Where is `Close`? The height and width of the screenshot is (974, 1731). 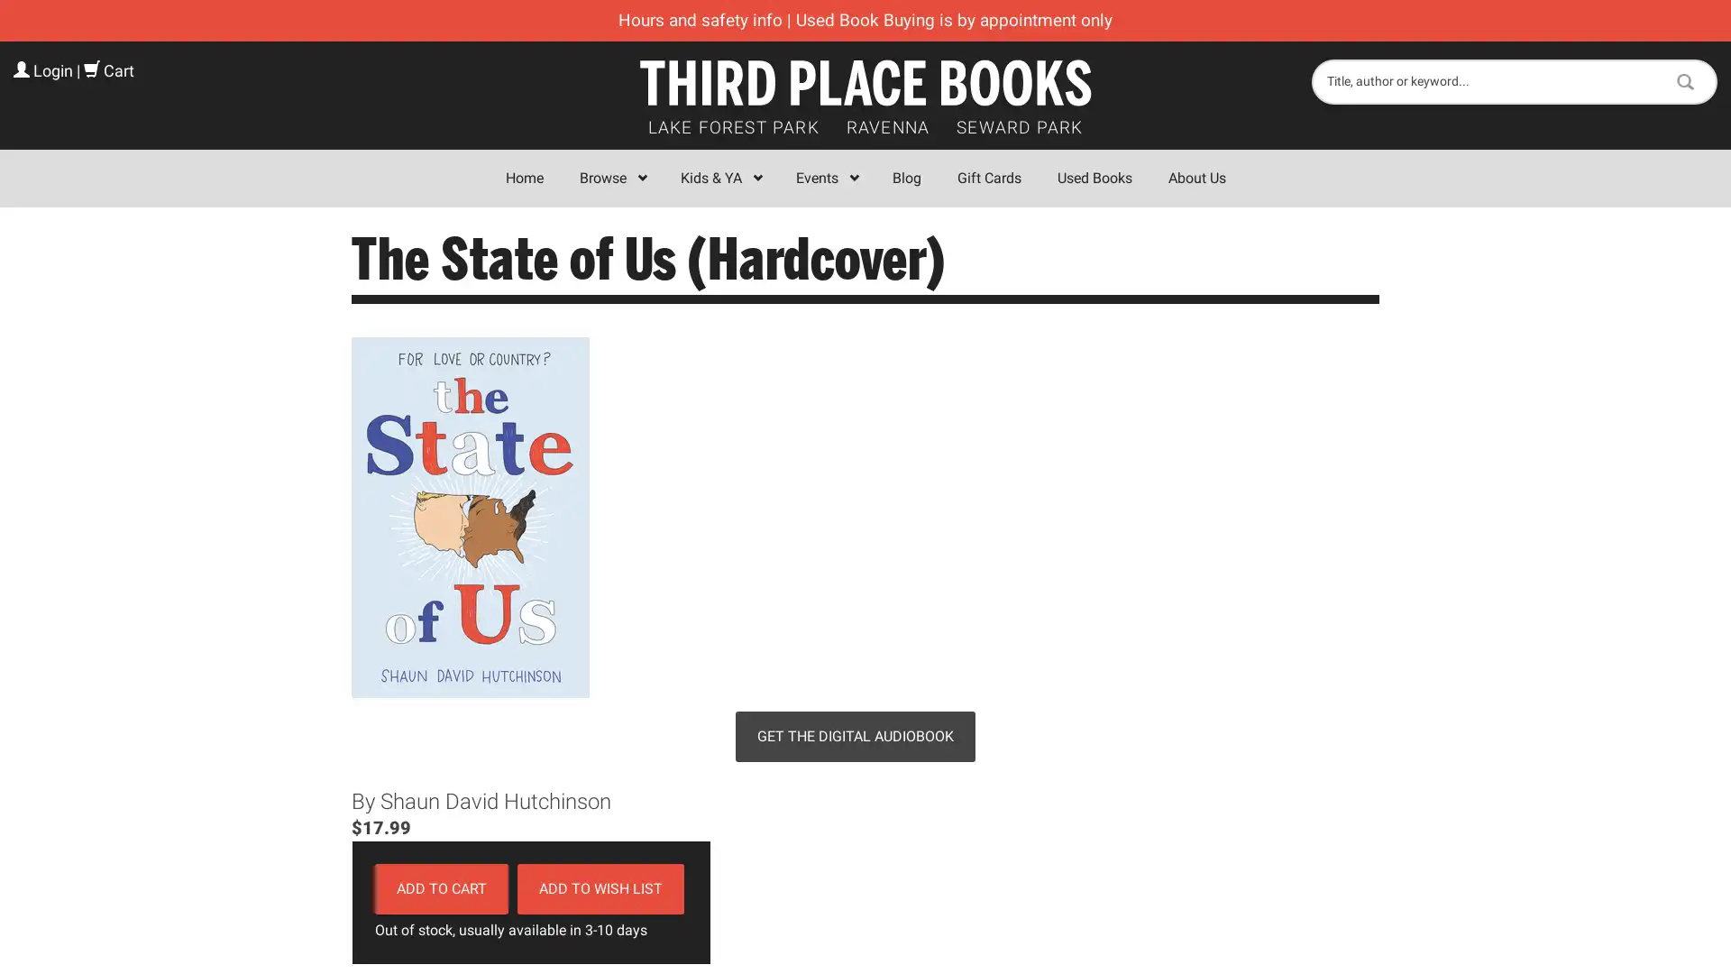 Close is located at coordinates (1128, 264).